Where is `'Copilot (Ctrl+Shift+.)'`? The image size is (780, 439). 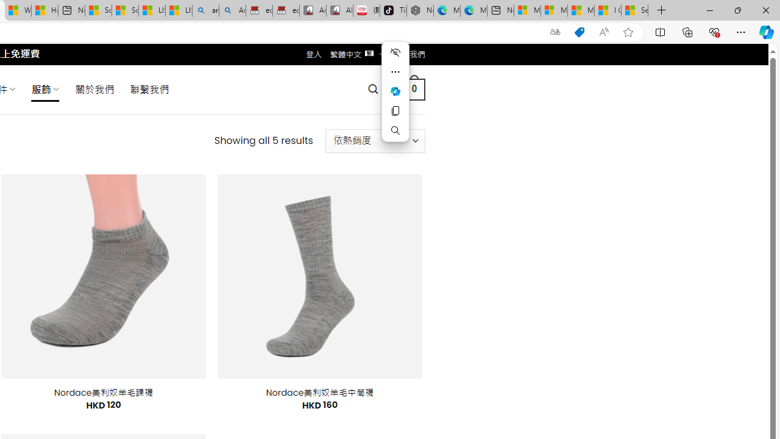 'Copilot (Ctrl+Shift+.)' is located at coordinates (766, 31).